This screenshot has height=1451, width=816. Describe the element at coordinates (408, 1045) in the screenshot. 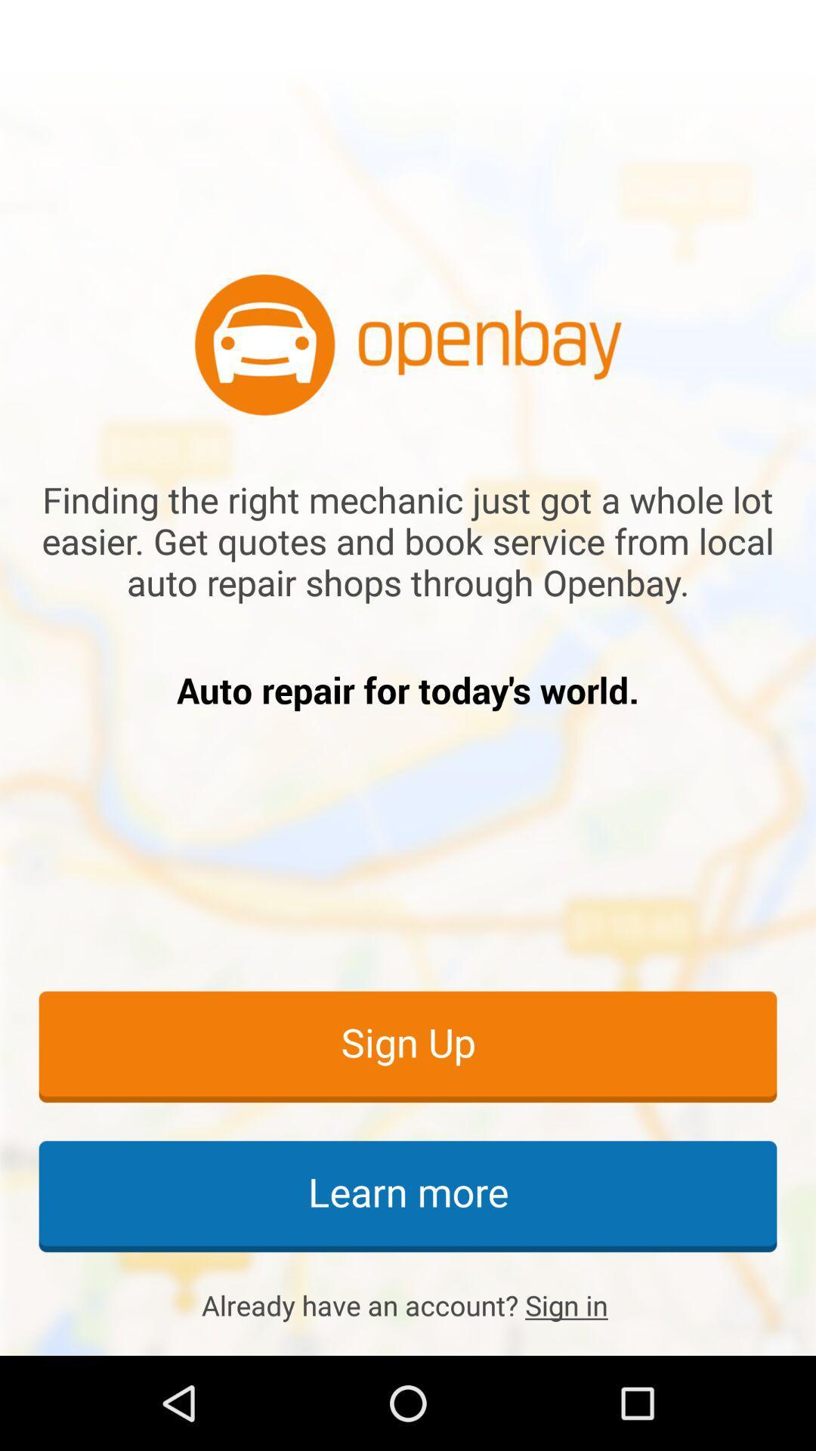

I see `item above learn more` at that location.